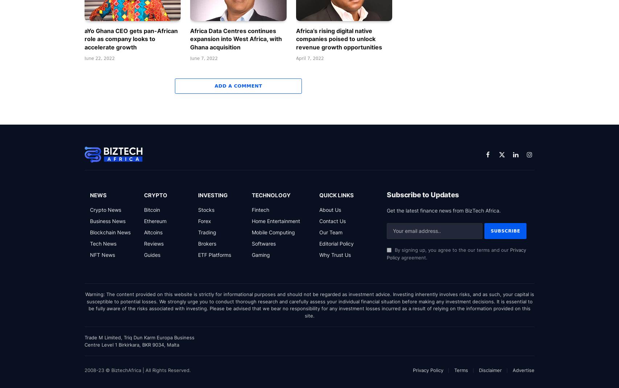 The width and height of the screenshot is (619, 388). What do you see at coordinates (260, 209) in the screenshot?
I see `'Fintech'` at bounding box center [260, 209].